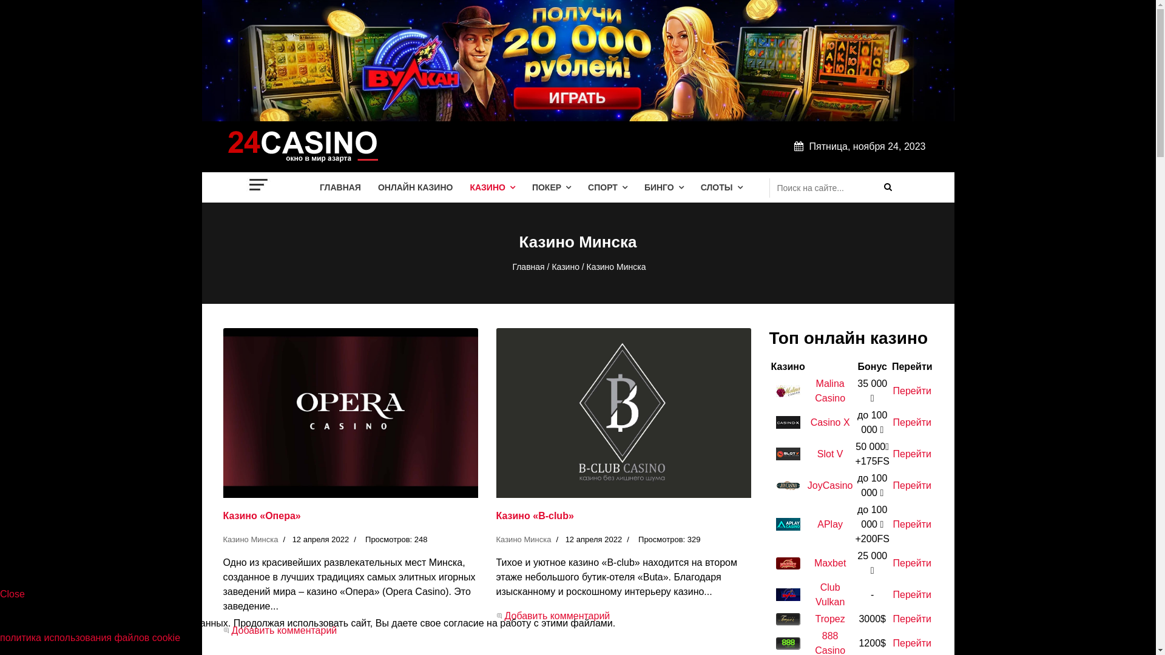  Describe the element at coordinates (815, 594) in the screenshot. I see `'Club Vulkan'` at that location.